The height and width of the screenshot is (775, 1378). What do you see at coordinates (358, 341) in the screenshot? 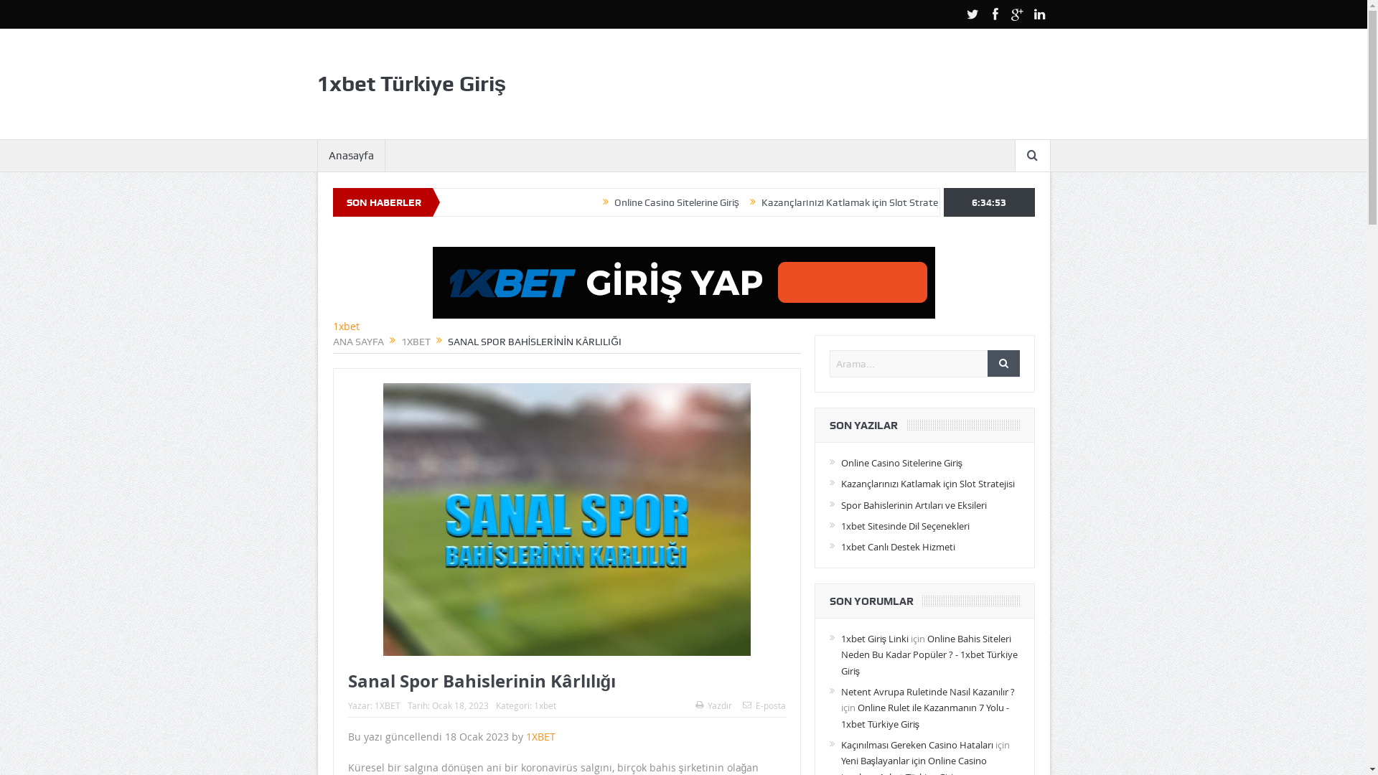
I see `'ANA SAYFA'` at bounding box center [358, 341].